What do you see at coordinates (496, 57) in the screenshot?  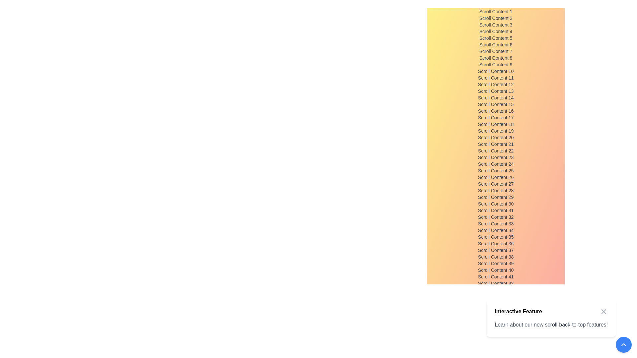 I see `the text label displaying 'Scroll Content 8', which is styled with a gray font color and is positioned as the eighth entry in a vertical list of scrolling text labels` at bounding box center [496, 57].